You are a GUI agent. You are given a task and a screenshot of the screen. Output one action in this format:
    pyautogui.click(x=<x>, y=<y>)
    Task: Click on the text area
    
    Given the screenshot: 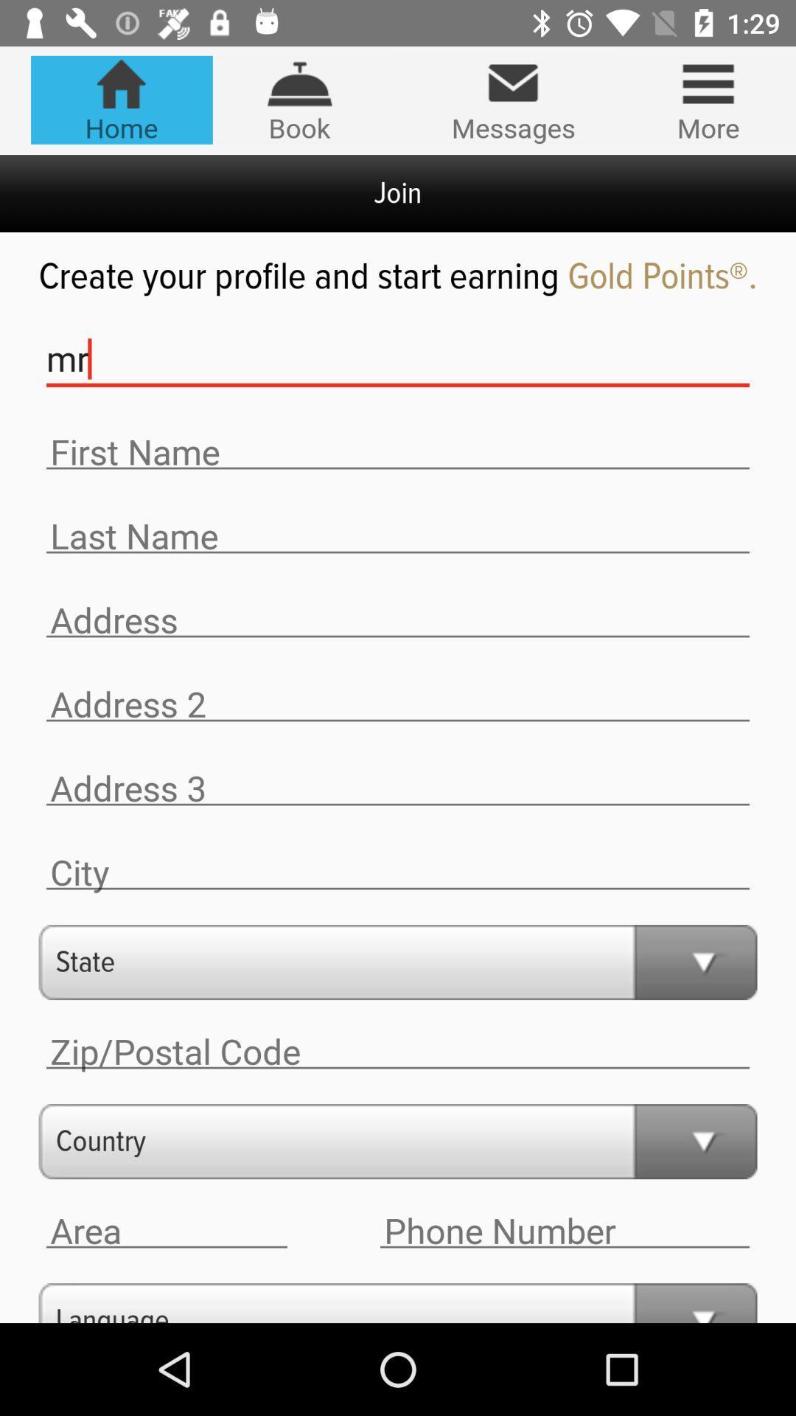 What is the action you would take?
    pyautogui.click(x=564, y=1231)
    